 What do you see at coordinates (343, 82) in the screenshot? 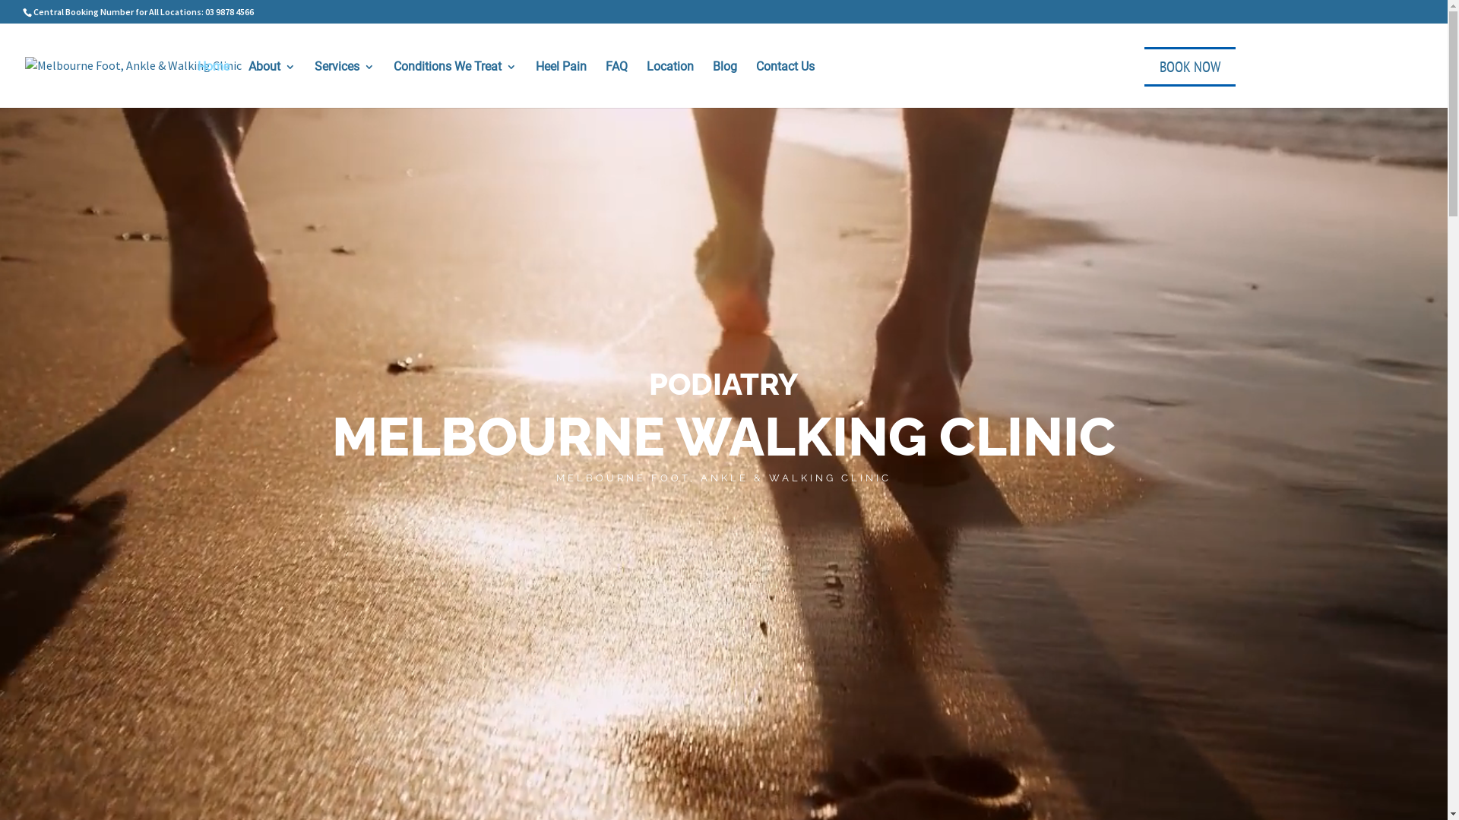
I see `'Services'` at bounding box center [343, 82].